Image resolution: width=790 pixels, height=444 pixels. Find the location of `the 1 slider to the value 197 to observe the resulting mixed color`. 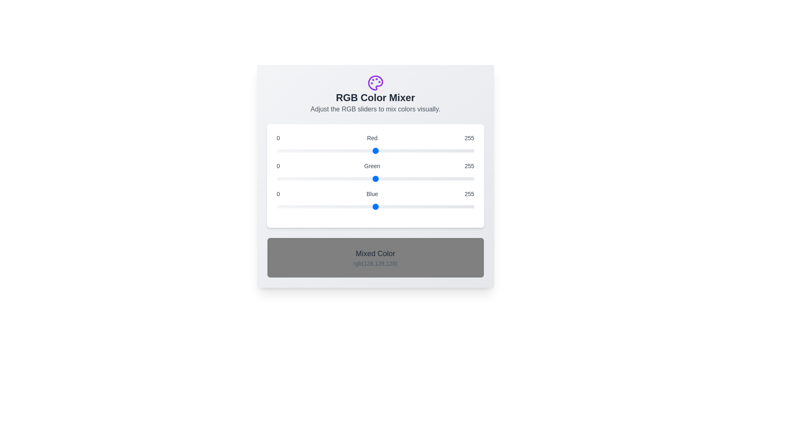

the 1 slider to the value 197 to observe the resulting mixed color is located at coordinates (375, 178).